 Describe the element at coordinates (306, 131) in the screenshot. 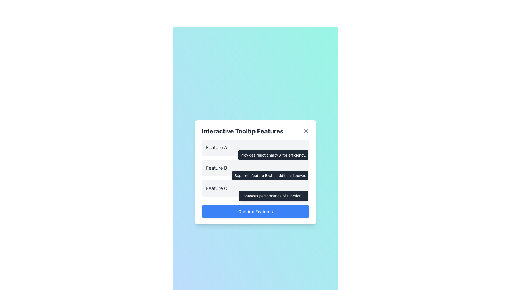

I see `the close button, represented by a stylized 'X', located at the top-right corner of the pop-up box next to the title 'Interactive Tooltip Features'` at that location.